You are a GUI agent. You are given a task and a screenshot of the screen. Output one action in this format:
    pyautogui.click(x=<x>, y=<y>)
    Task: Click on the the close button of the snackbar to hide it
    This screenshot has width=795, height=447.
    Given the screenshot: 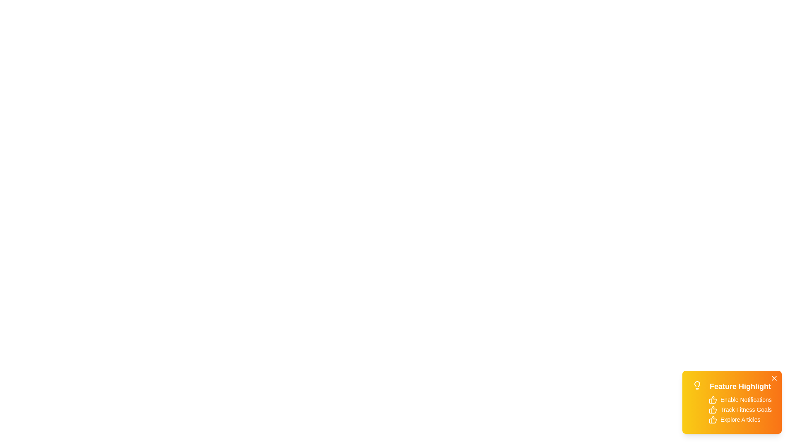 What is the action you would take?
    pyautogui.click(x=774, y=378)
    